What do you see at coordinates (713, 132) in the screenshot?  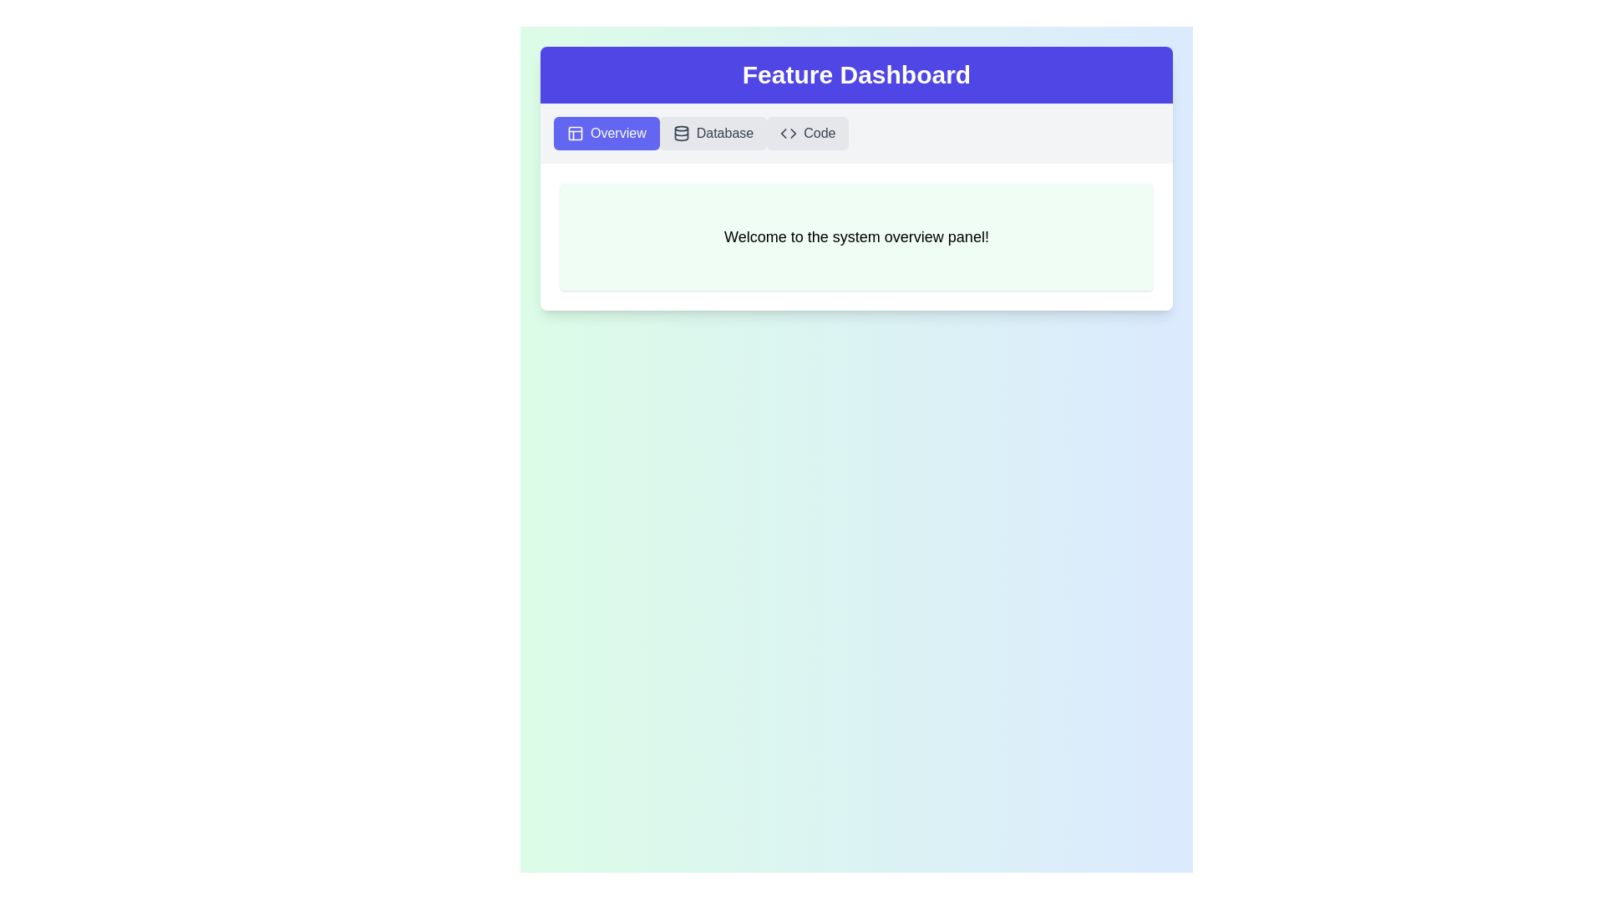 I see `the 'Database' button, which is a rectangular button with a light gray background and a database icon on the left` at bounding box center [713, 132].